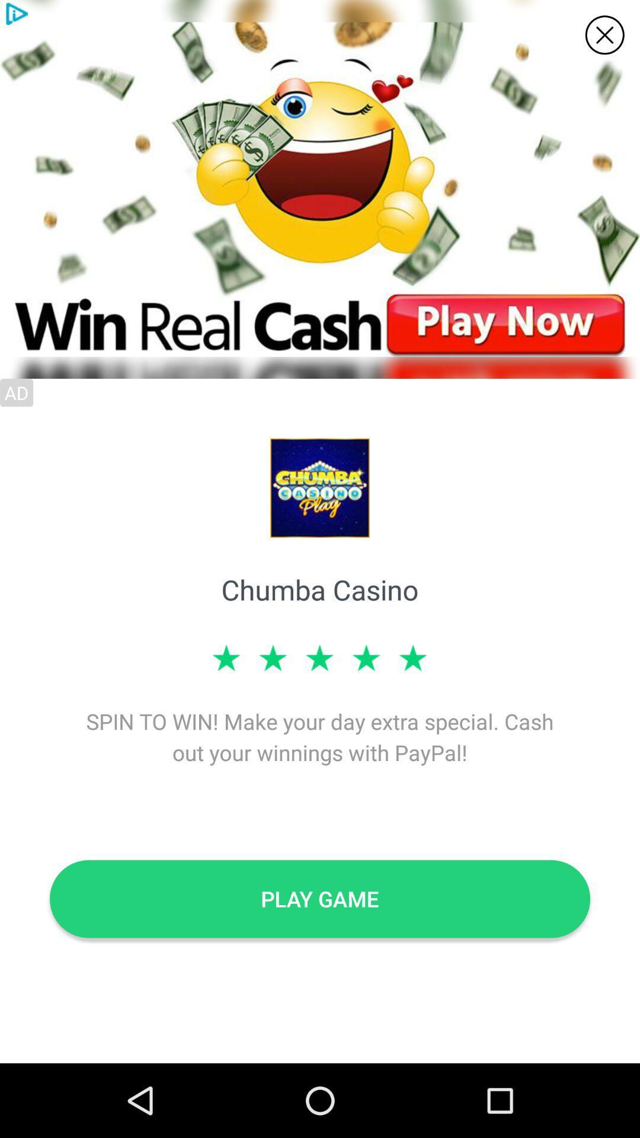  I want to click on the close icon, so click(604, 35).